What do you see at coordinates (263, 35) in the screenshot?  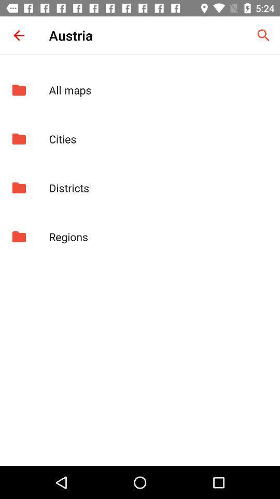 I see `icon to the right of austria item` at bounding box center [263, 35].